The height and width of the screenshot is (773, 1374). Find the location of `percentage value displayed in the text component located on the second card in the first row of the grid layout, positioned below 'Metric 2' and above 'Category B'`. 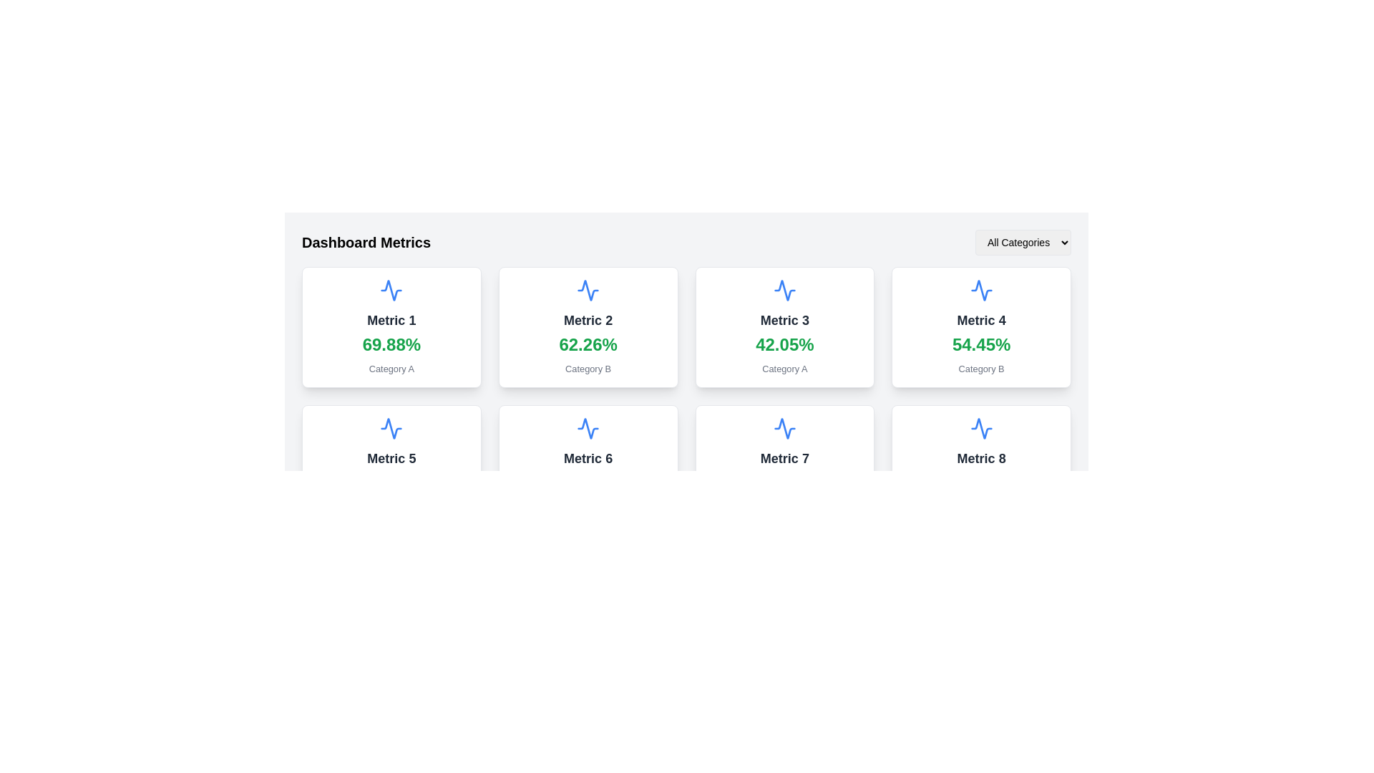

percentage value displayed in the text component located on the second card in the first row of the grid layout, positioned below 'Metric 2' and above 'Category B' is located at coordinates (588, 345).